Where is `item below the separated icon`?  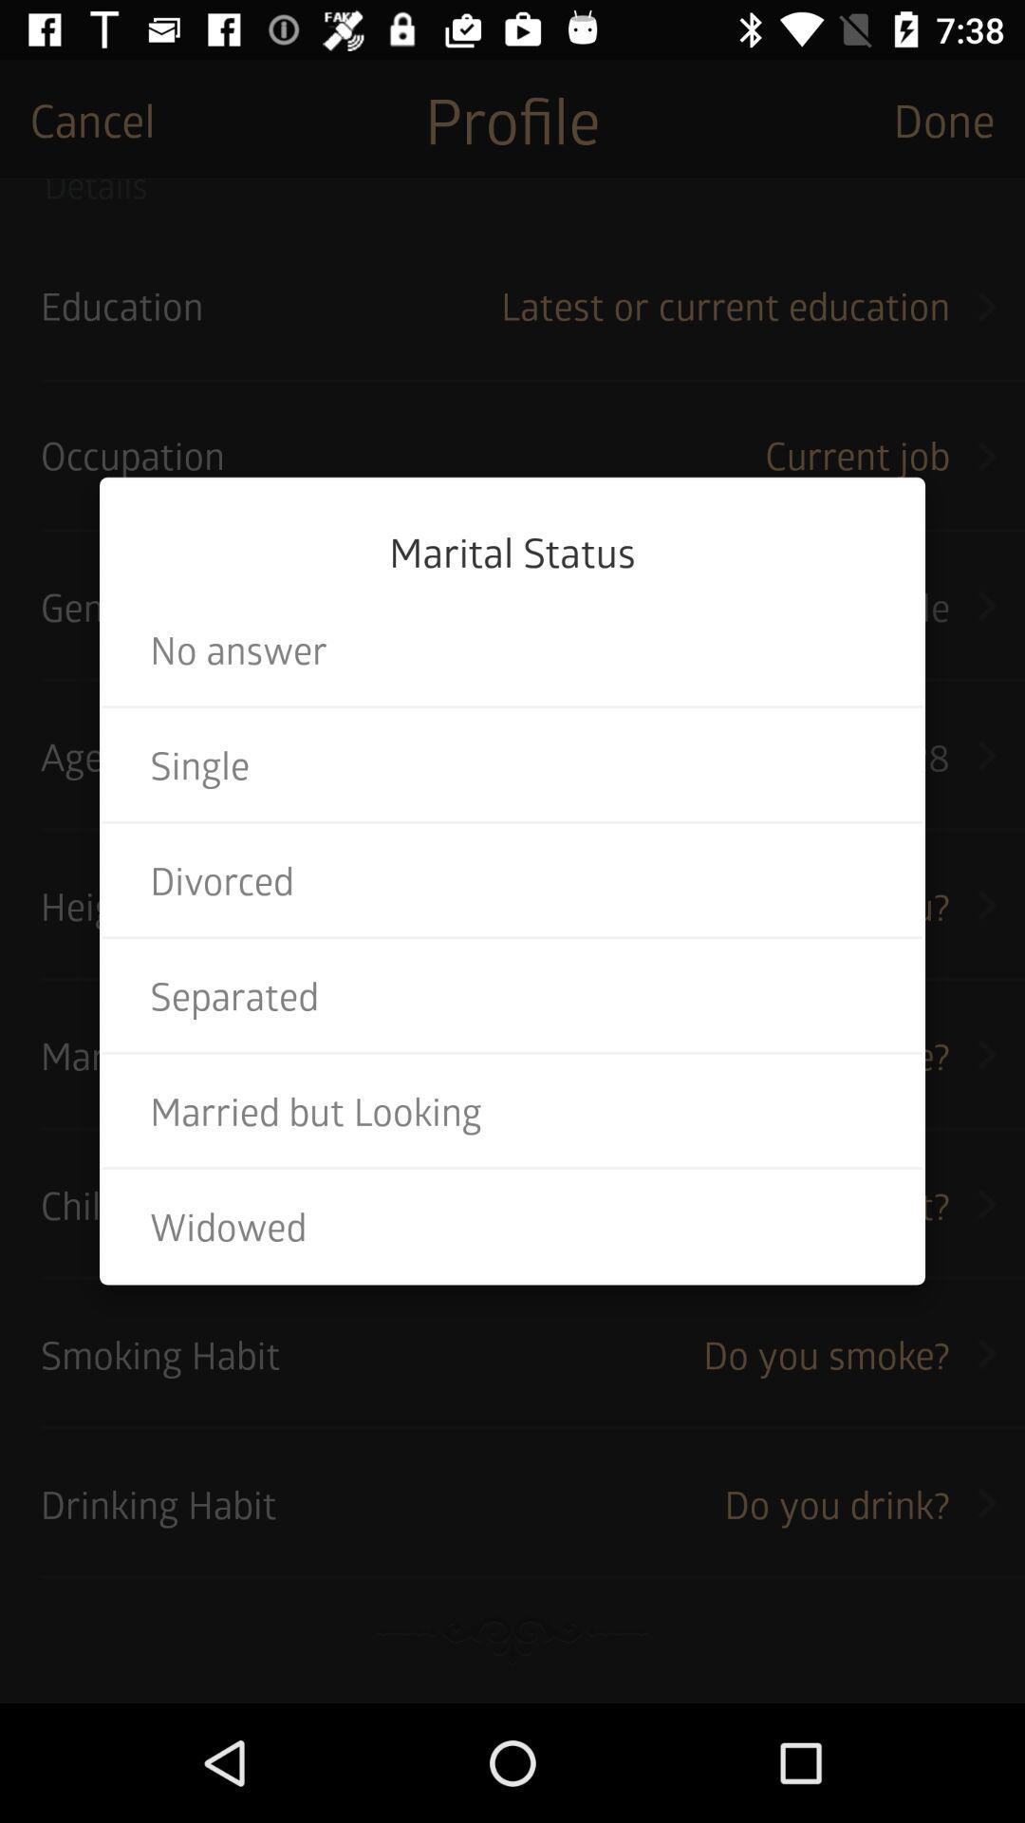
item below the separated icon is located at coordinates (512, 1111).